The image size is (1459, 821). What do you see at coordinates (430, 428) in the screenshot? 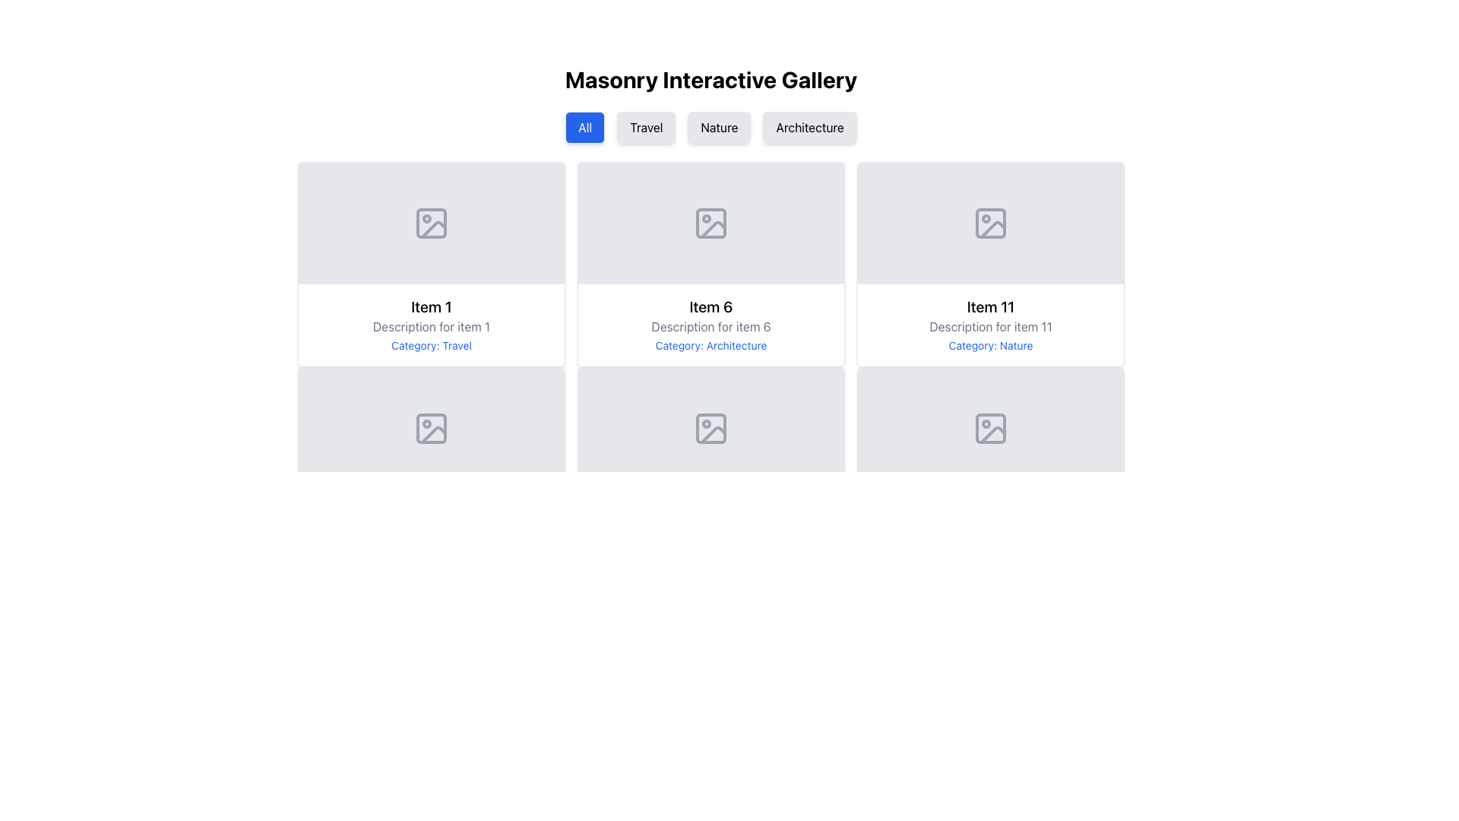
I see `the decorative rectangular shape with rounded edges, filled with a light gray shade, located at the center of the second row in the grid layout` at bounding box center [430, 428].